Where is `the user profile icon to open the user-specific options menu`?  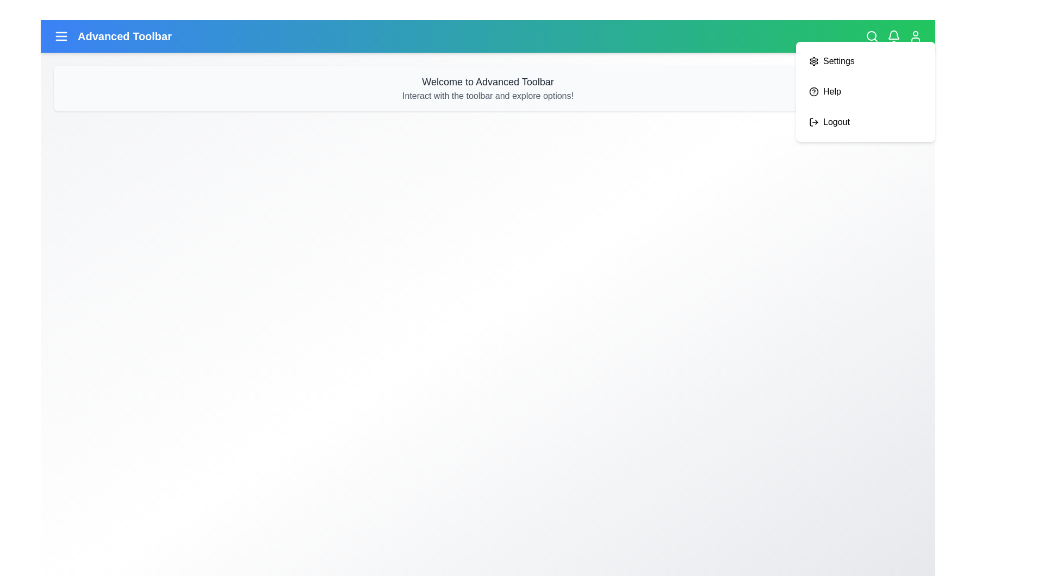
the user profile icon to open the user-specific options menu is located at coordinates (915, 35).